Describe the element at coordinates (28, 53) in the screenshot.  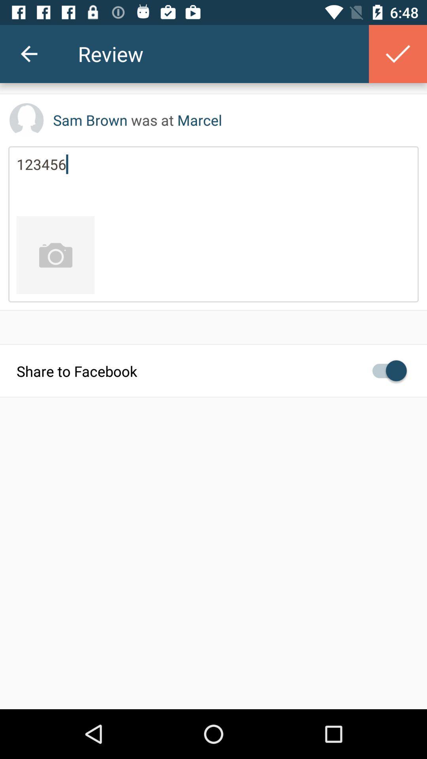
I see `the icon above sam brown was item` at that location.